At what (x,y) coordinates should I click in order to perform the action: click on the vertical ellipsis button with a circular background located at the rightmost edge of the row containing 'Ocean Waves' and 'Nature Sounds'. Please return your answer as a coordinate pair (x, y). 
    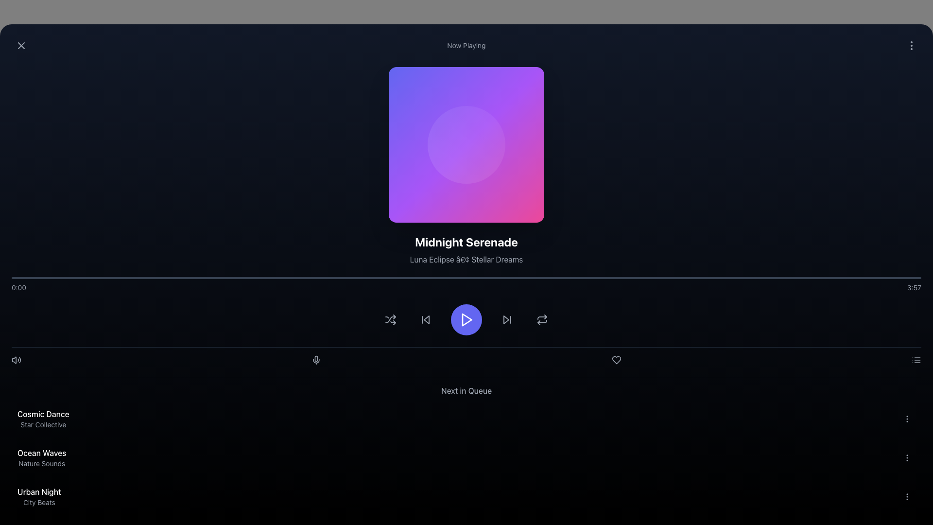
    Looking at the image, I should click on (907, 457).